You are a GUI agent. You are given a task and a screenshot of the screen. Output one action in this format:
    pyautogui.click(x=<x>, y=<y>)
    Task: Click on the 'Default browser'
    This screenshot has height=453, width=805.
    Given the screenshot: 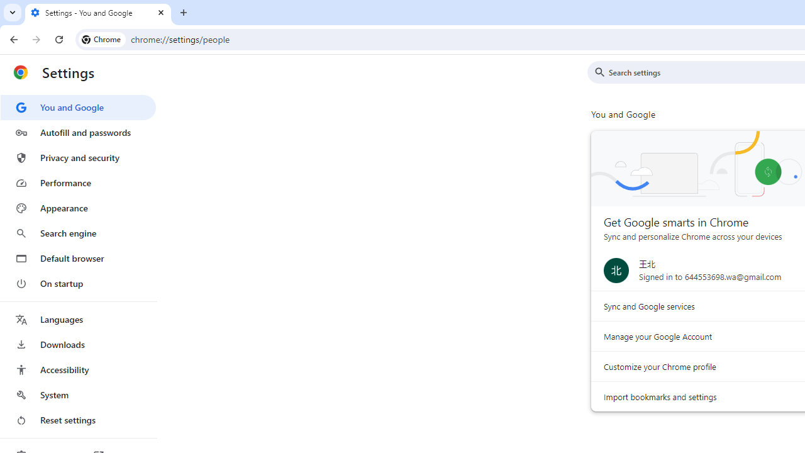 What is the action you would take?
    pyautogui.click(x=77, y=258)
    